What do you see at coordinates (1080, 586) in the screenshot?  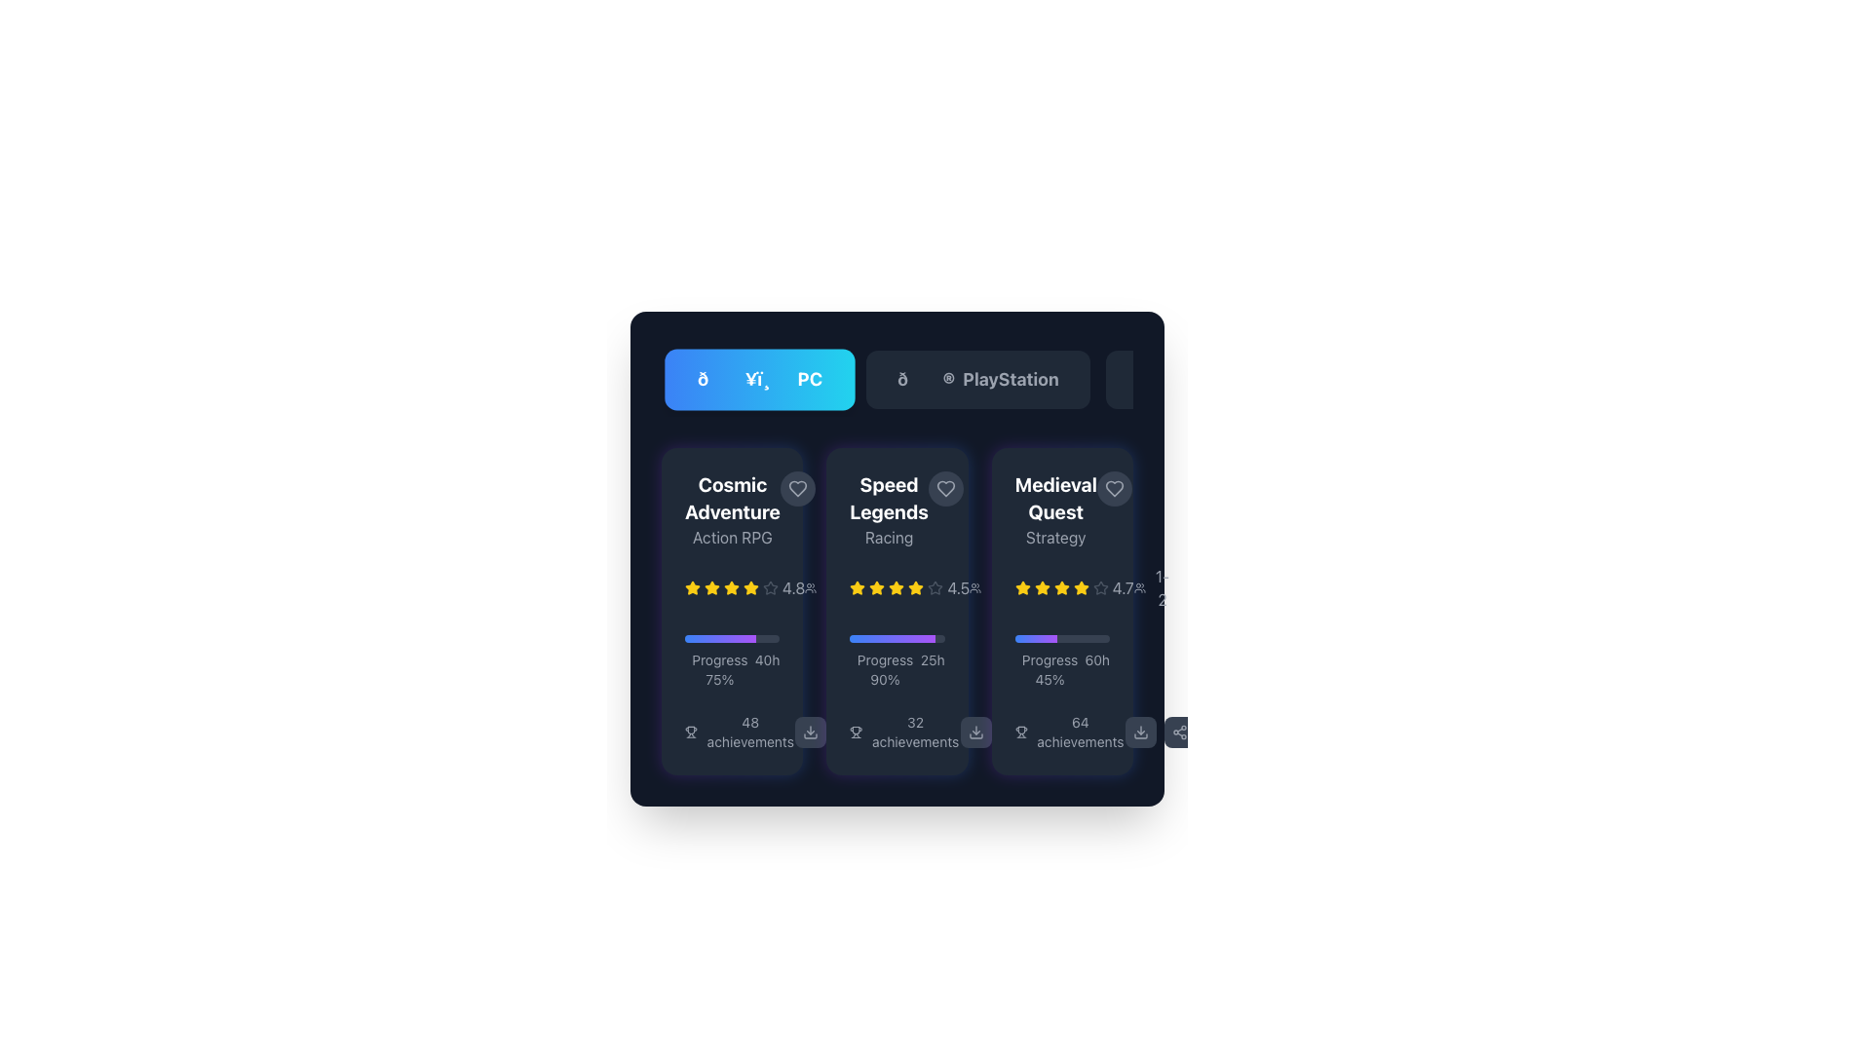 I see `the third rating star icon for the 'Medieval Quest' game, which indicates part of the overall rating value` at bounding box center [1080, 586].